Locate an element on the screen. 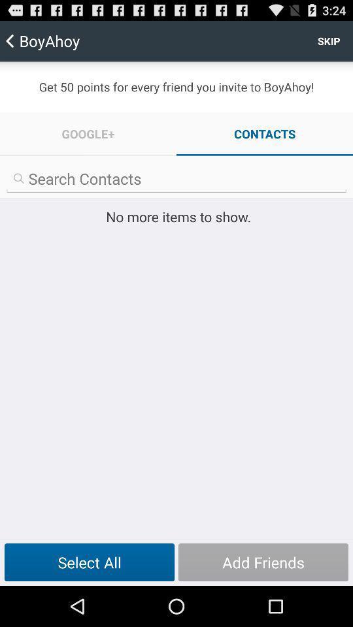 The height and width of the screenshot is (627, 353). the no more items is located at coordinates (176, 216).